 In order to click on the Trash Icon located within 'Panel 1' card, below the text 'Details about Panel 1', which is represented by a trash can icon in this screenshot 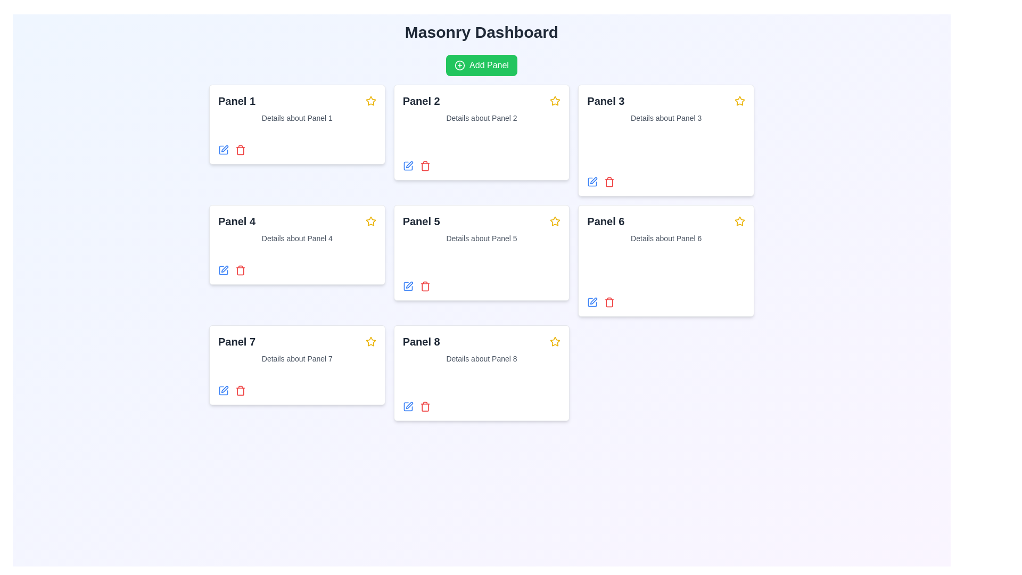, I will do `click(240, 150)`.